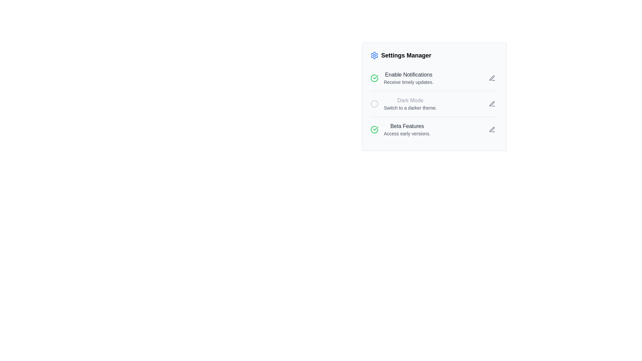 This screenshot has height=361, width=642. What do you see at coordinates (407, 134) in the screenshot?
I see `the text label 'Access early versions.' located below the 'Beta Features' label in the 'Settings Manager' panel, styled in gray color` at bounding box center [407, 134].